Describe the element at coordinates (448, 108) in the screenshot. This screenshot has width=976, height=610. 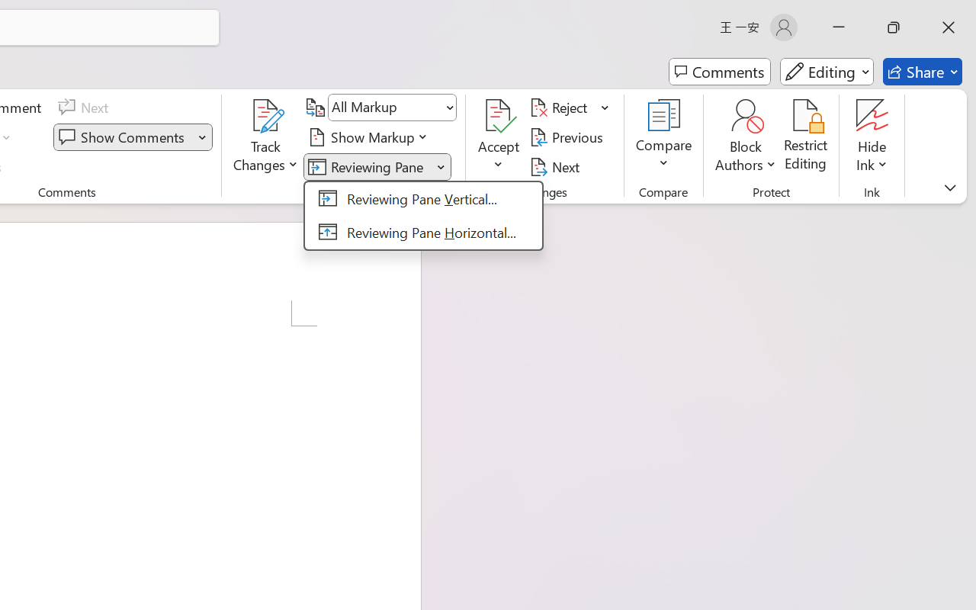
I see `'Open'` at that location.